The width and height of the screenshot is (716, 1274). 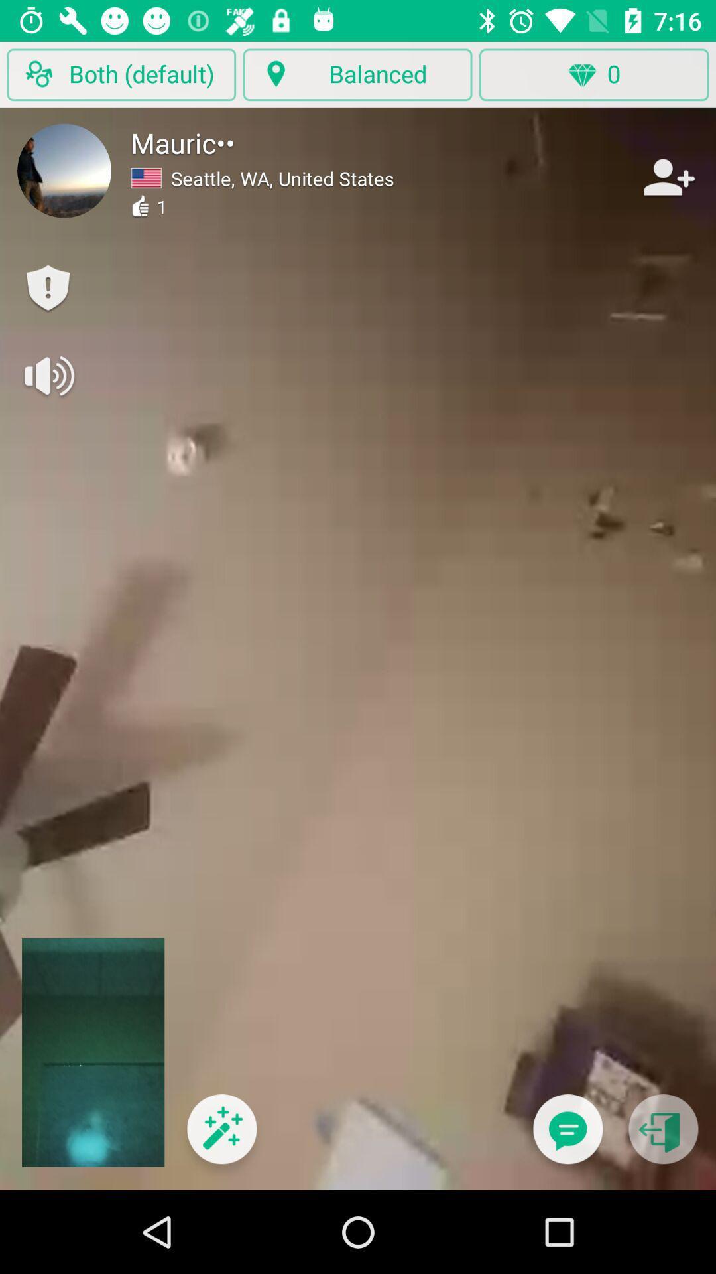 I want to click on the item to the right of the seattle wa united item, so click(x=668, y=177).